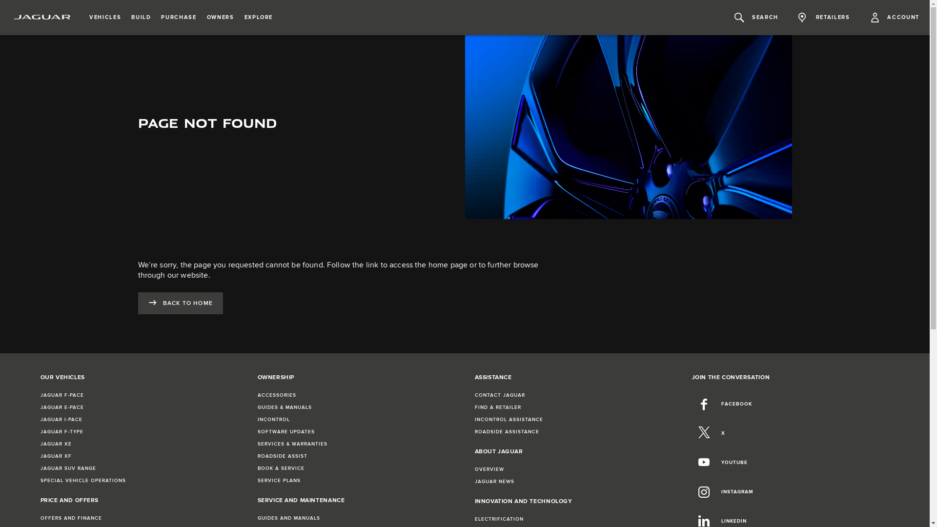 This screenshot has height=527, width=937. What do you see at coordinates (284, 407) in the screenshot?
I see `'GUIDES & MANUALS'` at bounding box center [284, 407].